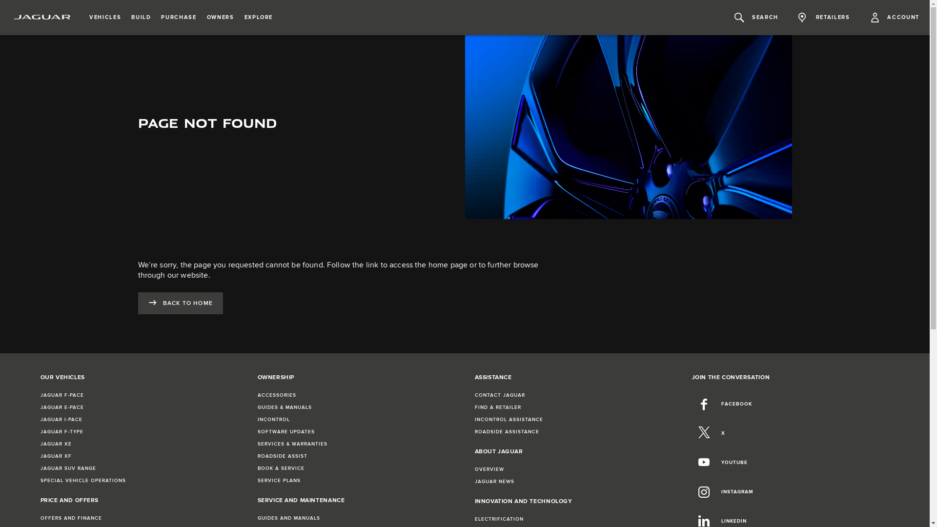 This screenshot has height=527, width=937. What do you see at coordinates (284, 407) in the screenshot?
I see `'GUIDES & MANUALS'` at bounding box center [284, 407].